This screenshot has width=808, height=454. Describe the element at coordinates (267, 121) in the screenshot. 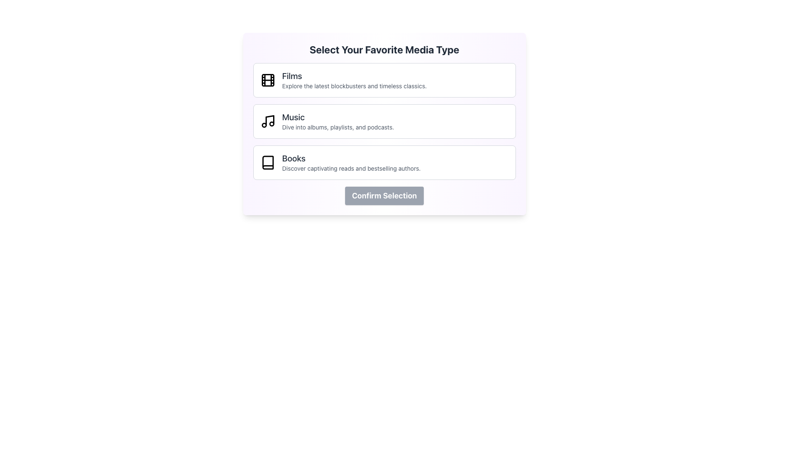

I see `the musical note icon representing the 'Music' option in the media selection menu, located to the left of the 'Music' label in the middle row of the three-item vertical list` at that location.